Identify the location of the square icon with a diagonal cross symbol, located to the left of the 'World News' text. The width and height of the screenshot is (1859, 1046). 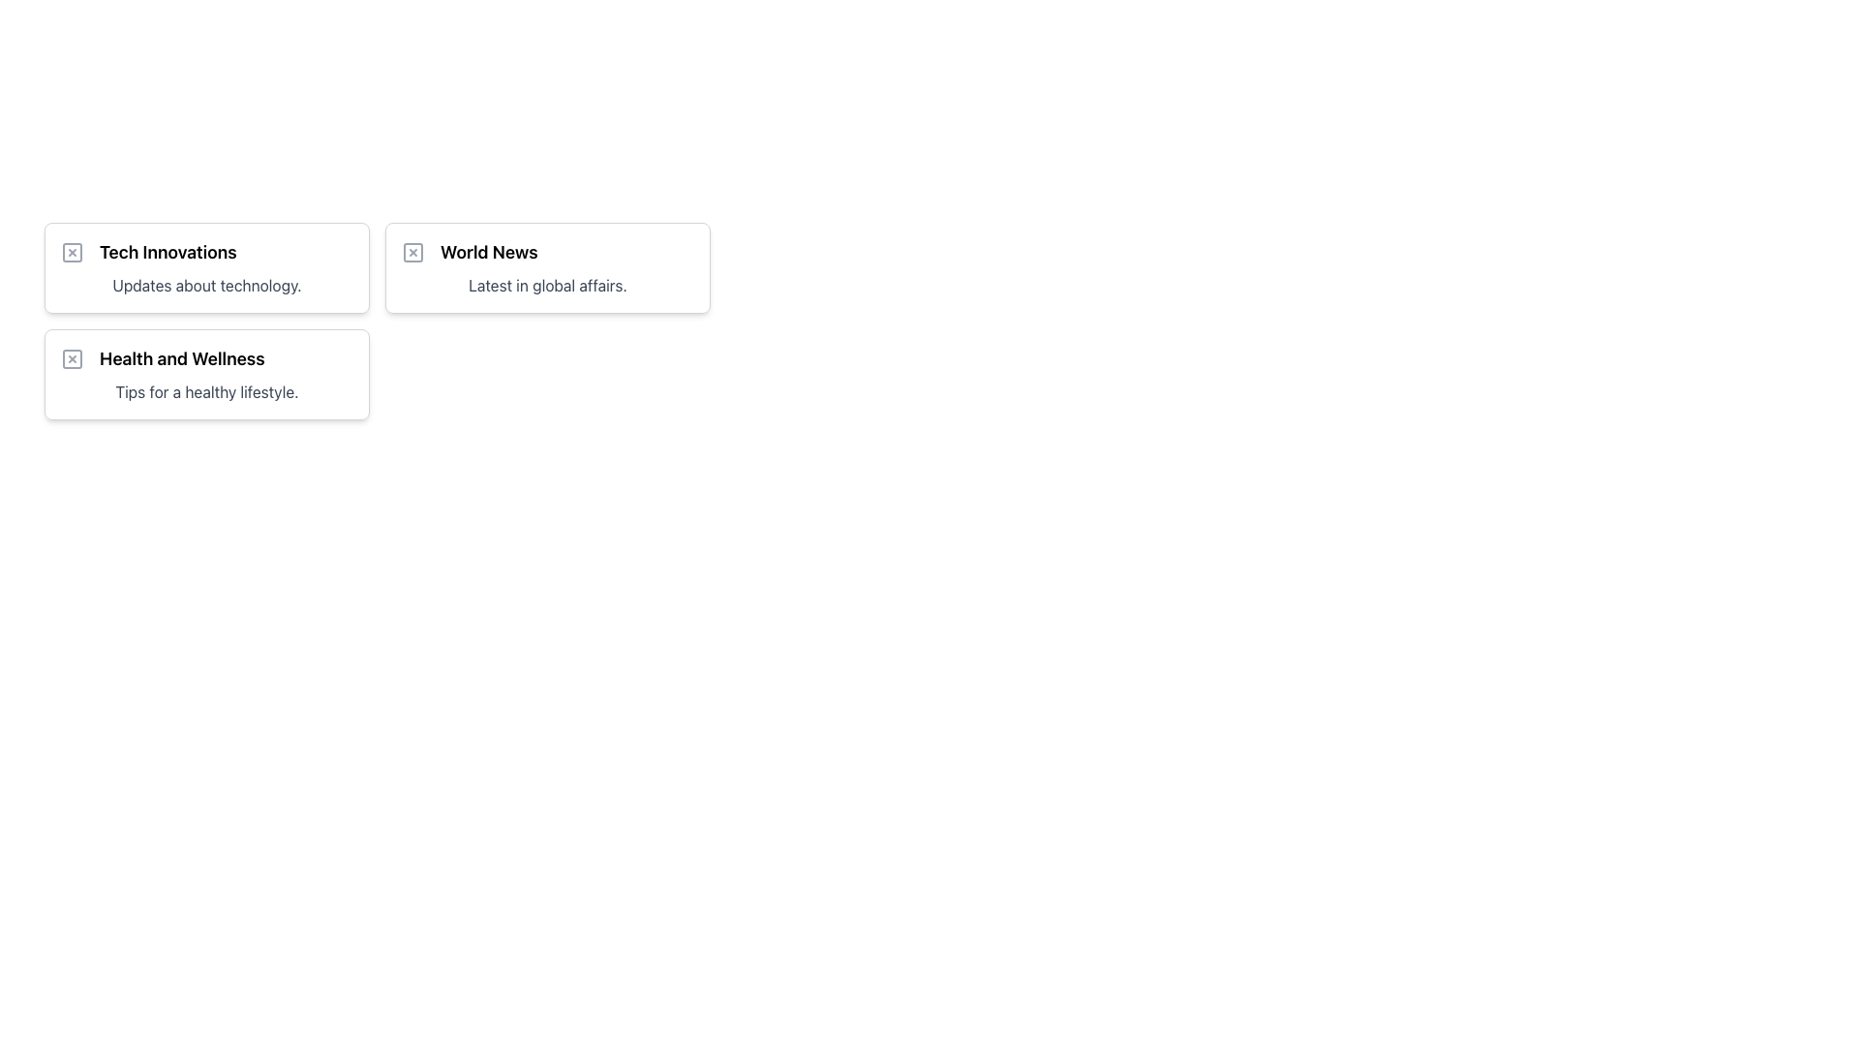
(412, 252).